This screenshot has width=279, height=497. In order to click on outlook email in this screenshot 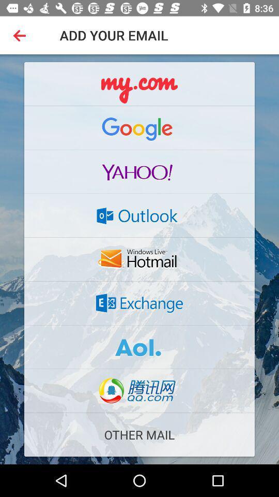, I will do `click(139, 215)`.